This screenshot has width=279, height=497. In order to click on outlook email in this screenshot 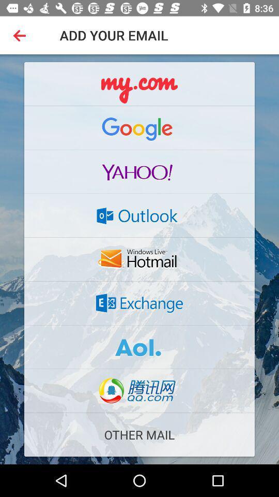, I will do `click(139, 215)`.